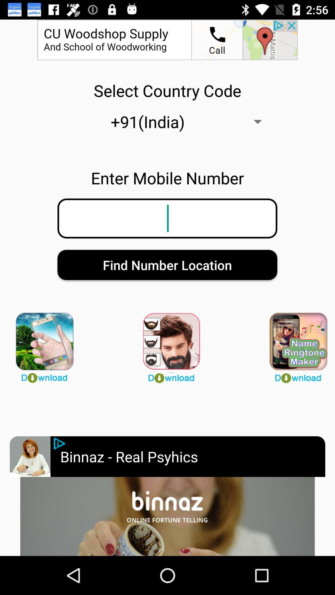 This screenshot has height=595, width=335. I want to click on download more facial hair options, so click(167, 345).